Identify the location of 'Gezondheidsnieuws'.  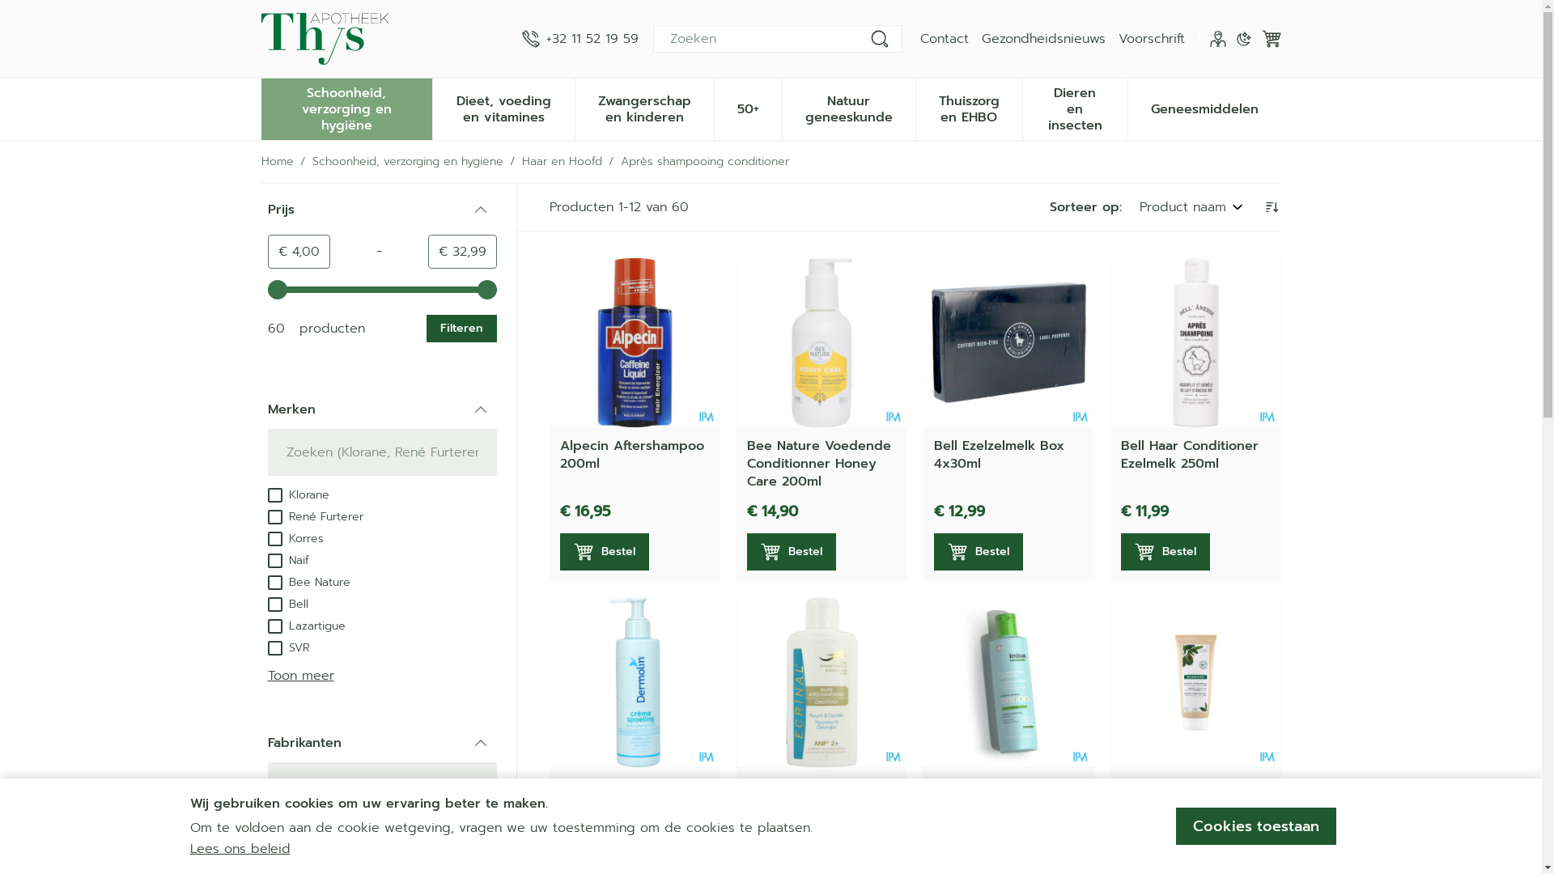
(1042, 37).